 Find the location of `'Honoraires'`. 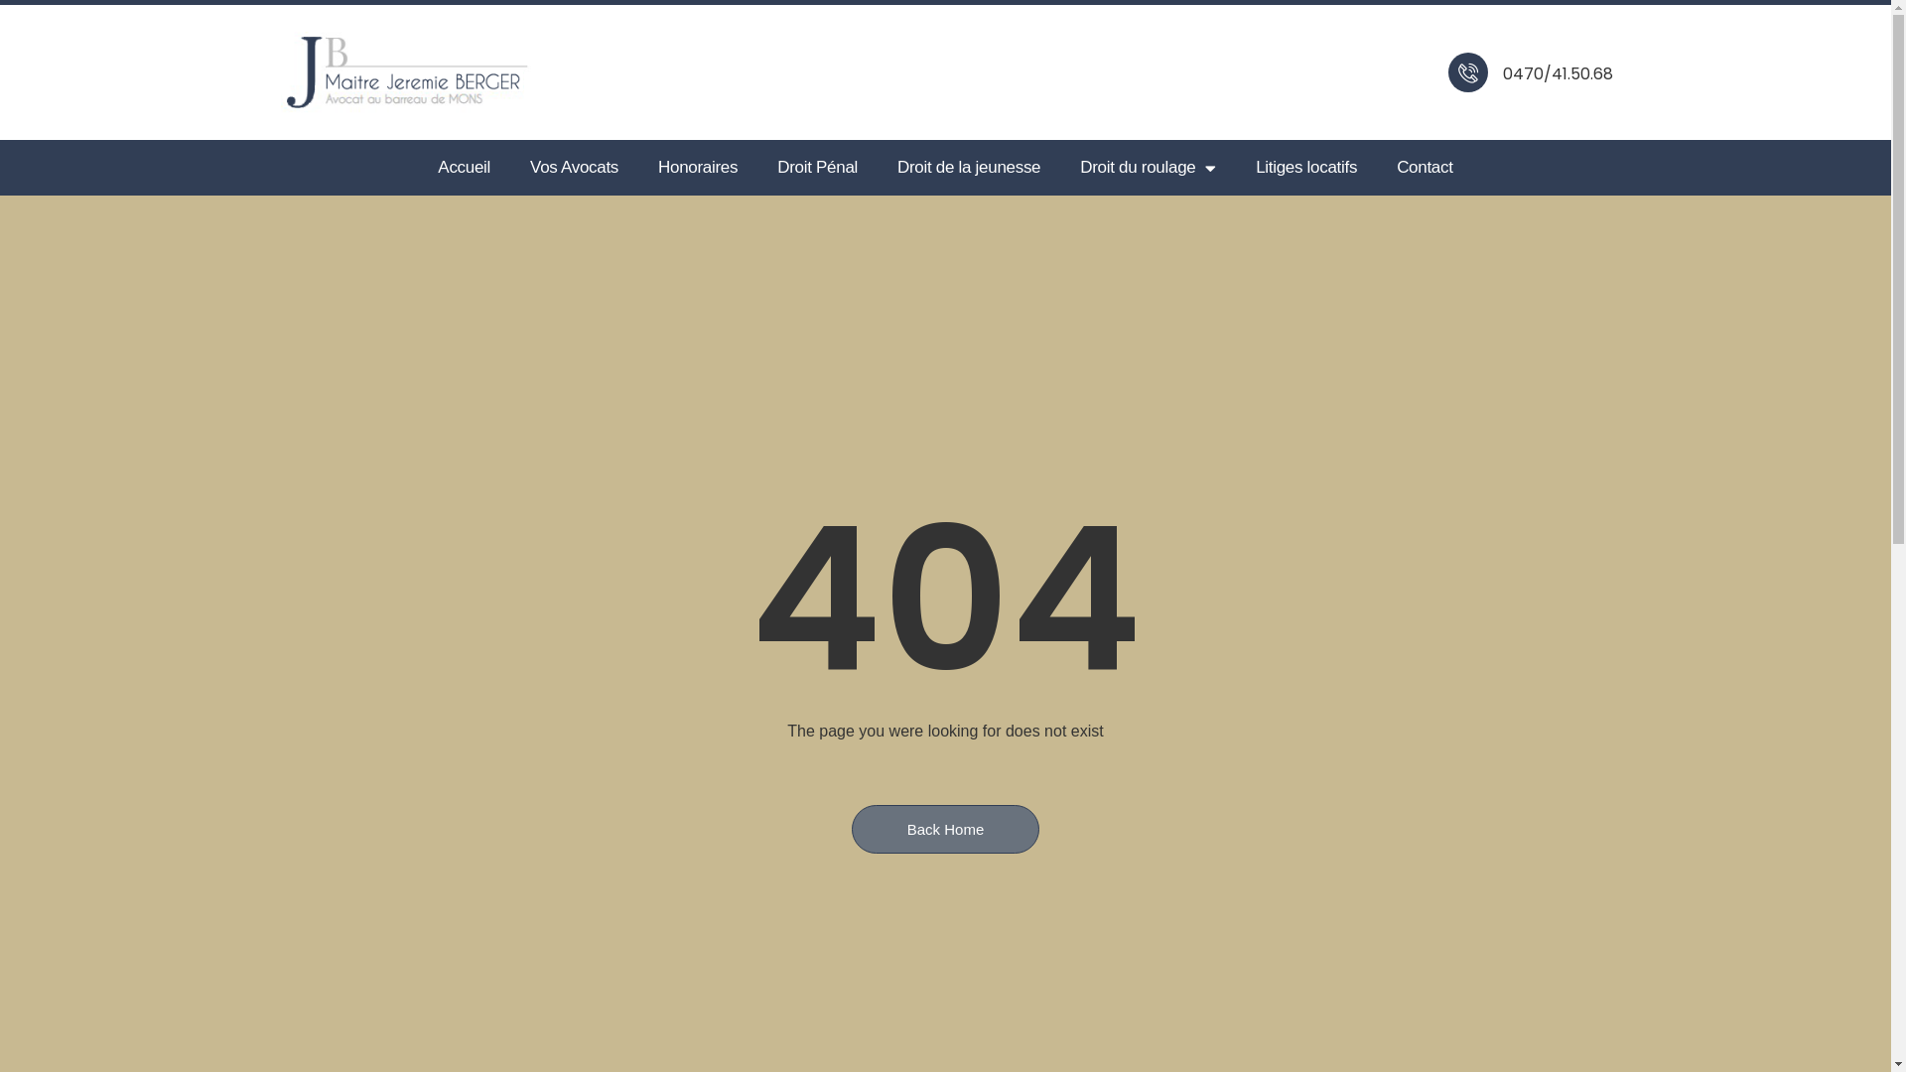

'Honoraires' is located at coordinates (697, 167).